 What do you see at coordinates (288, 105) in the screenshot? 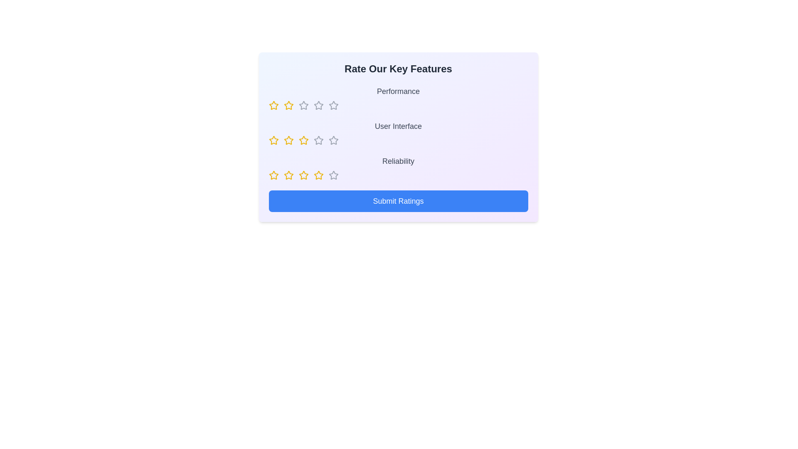
I see `the rating for a feature to 2 stars` at bounding box center [288, 105].